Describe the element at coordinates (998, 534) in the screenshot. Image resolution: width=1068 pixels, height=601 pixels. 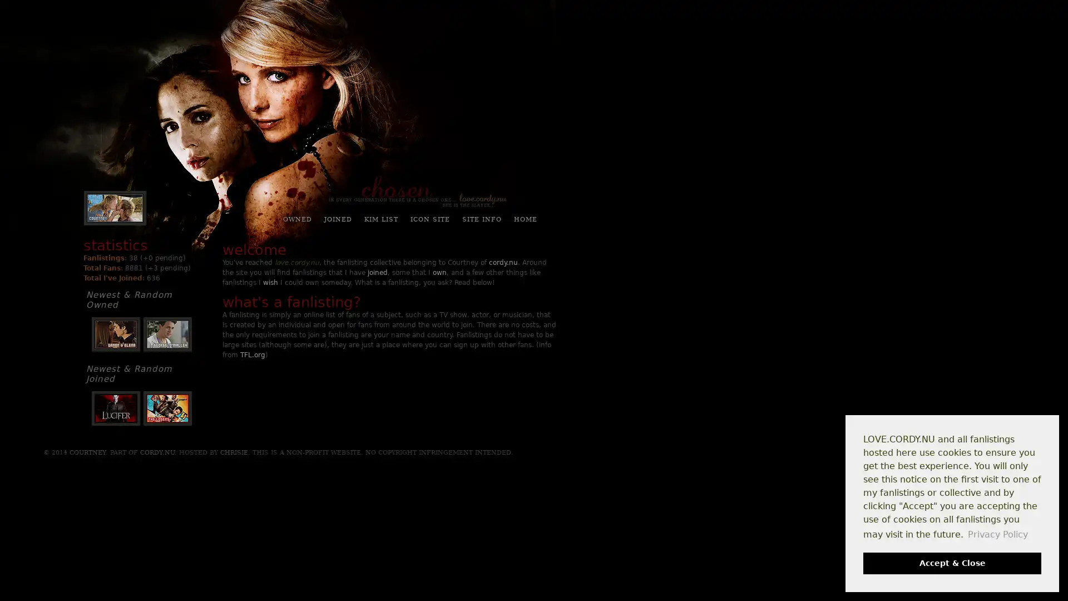
I see `learn more about cookies` at that location.